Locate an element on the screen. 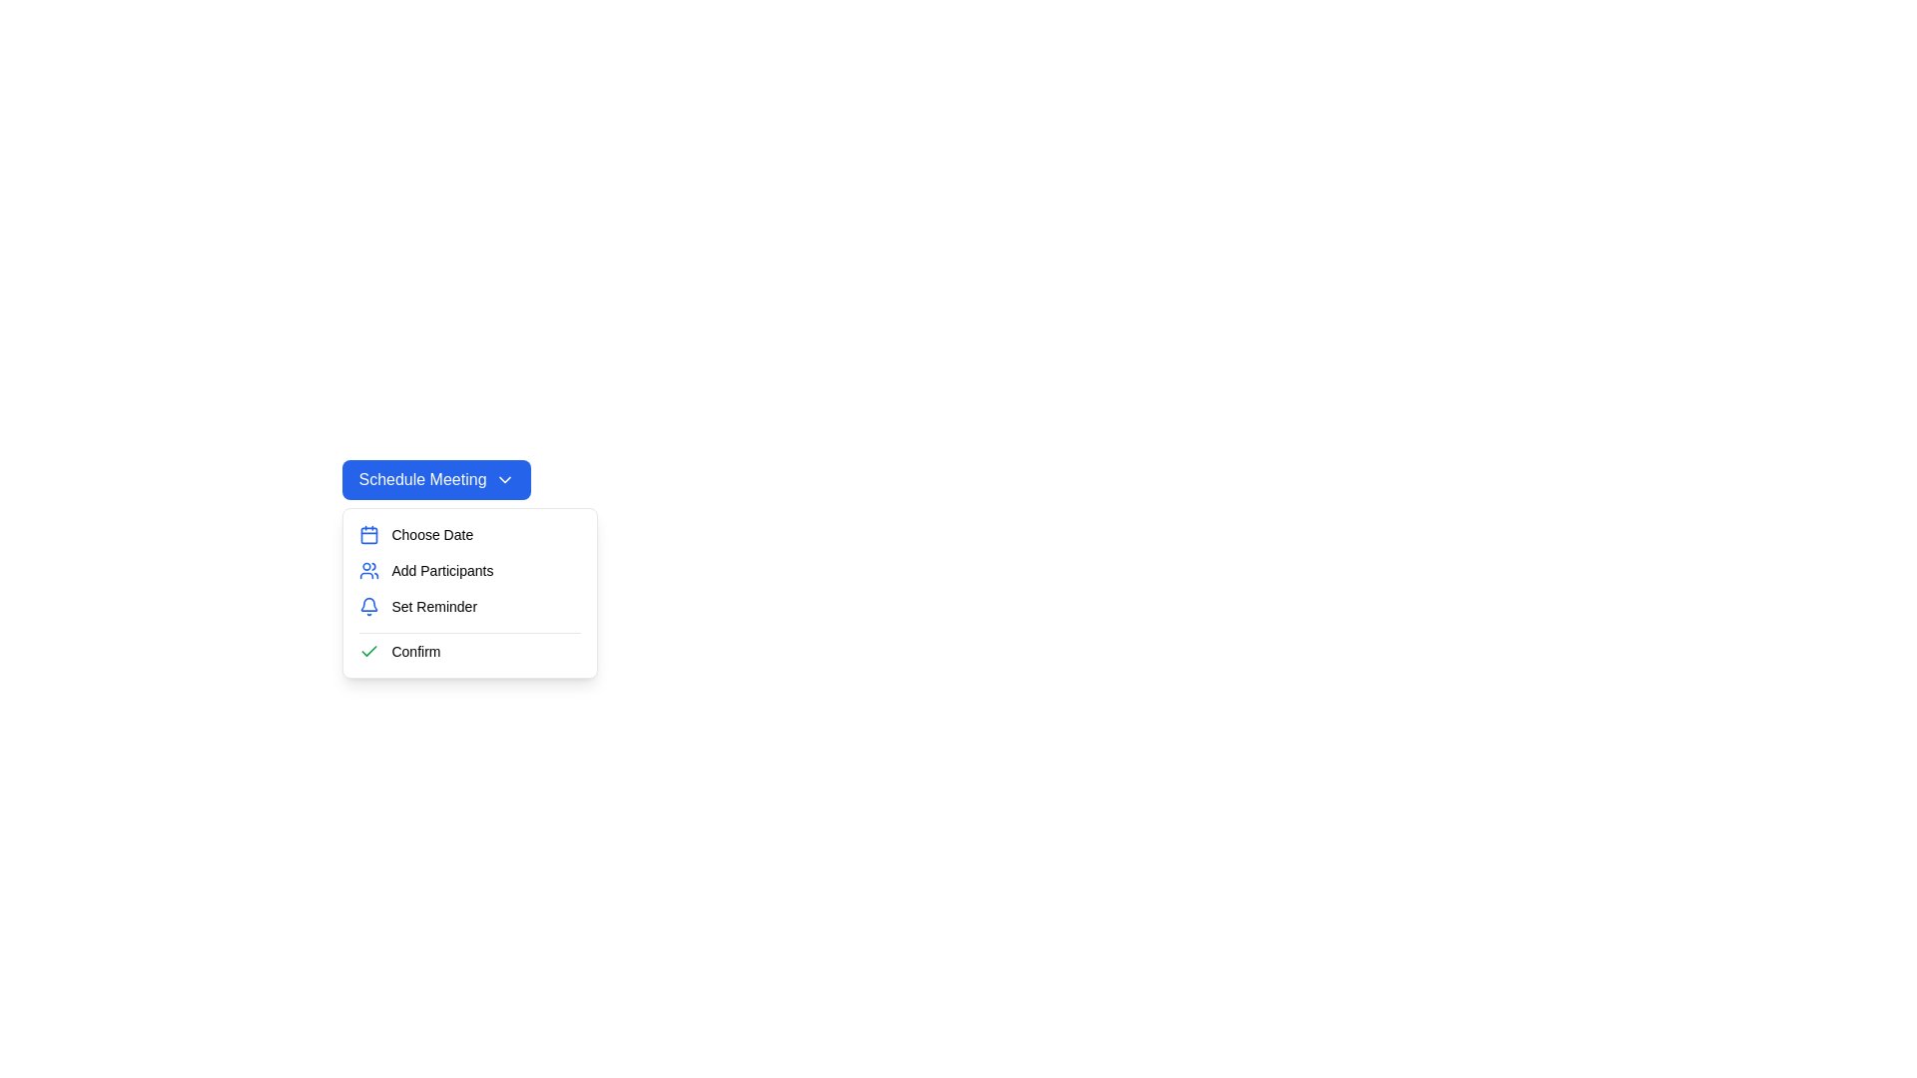 The image size is (1917, 1078). the date selection label in the dropdown menu that appears beneath the 'Schedule Meeting' button, which is aligned horizontally beside a blue calendar icon is located at coordinates (431, 534).